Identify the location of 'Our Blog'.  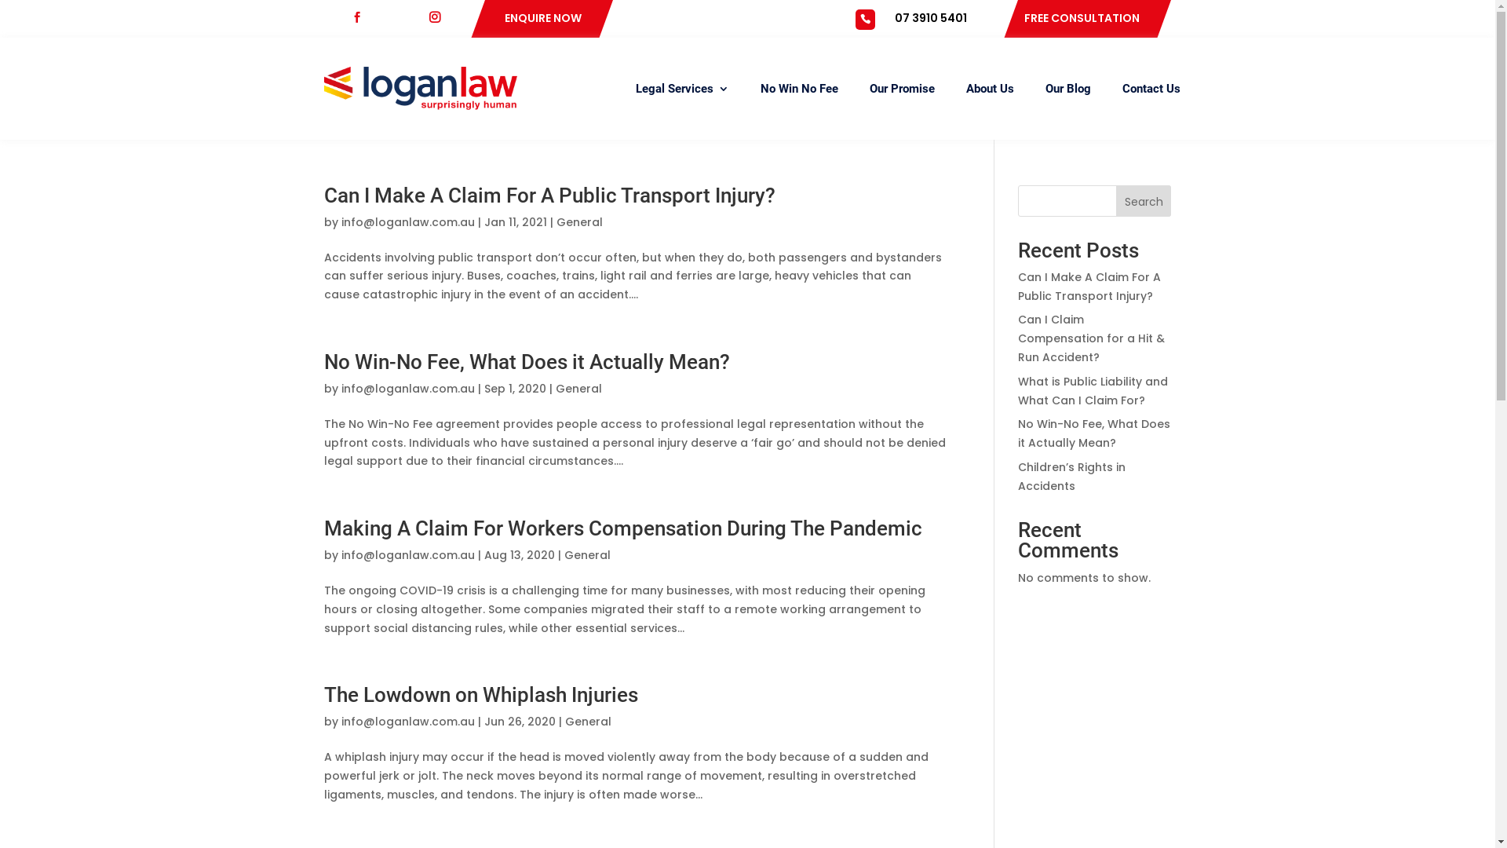
(1045, 88).